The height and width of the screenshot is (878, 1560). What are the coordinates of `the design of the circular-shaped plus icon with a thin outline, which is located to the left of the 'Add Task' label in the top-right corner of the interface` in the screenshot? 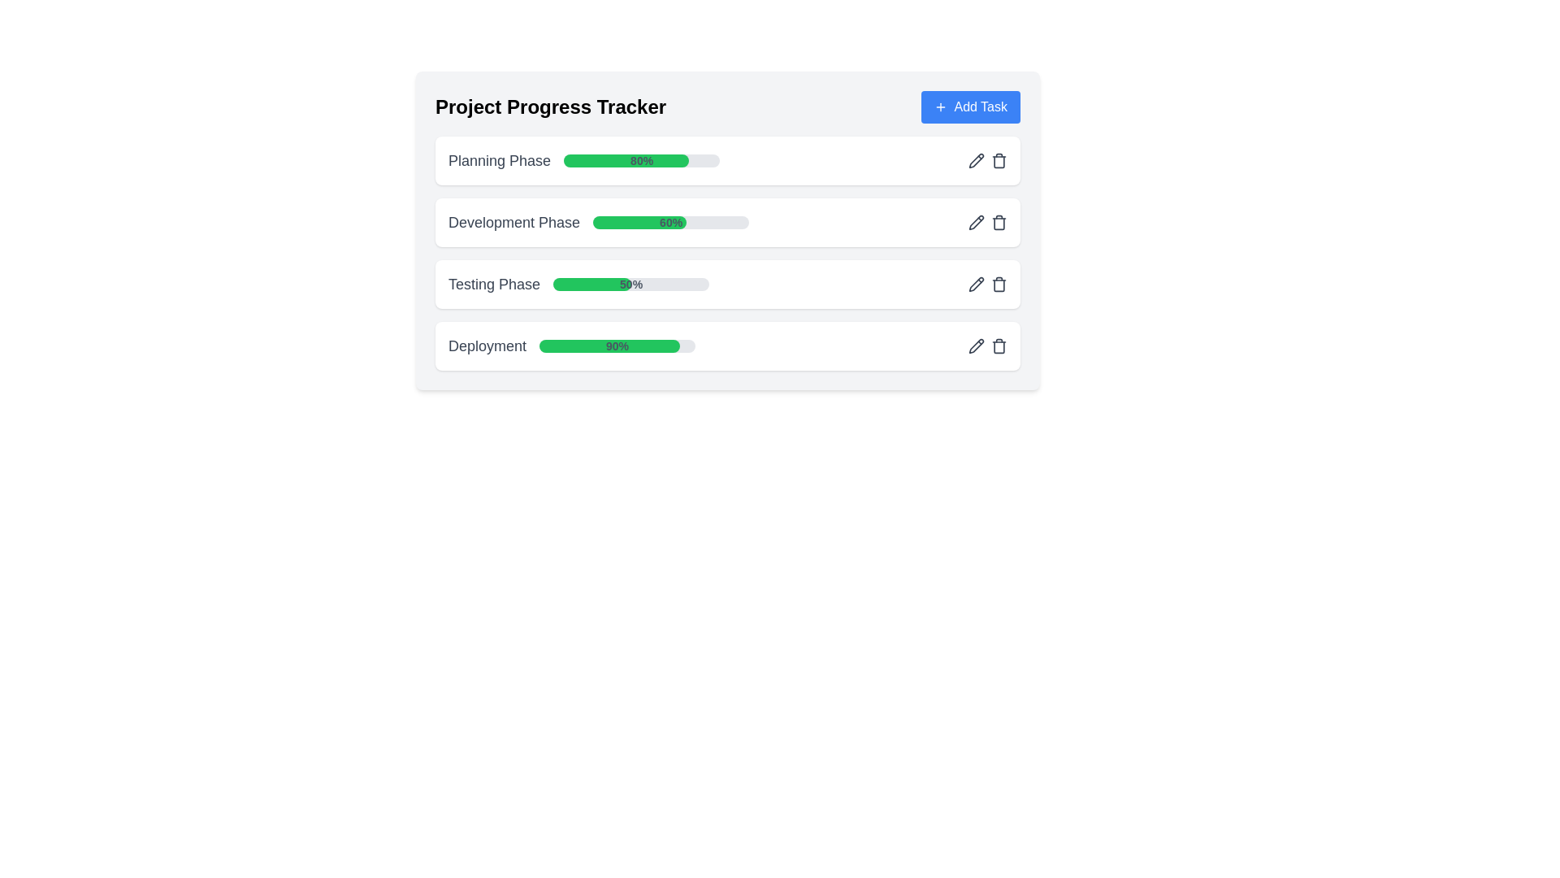 It's located at (941, 106).